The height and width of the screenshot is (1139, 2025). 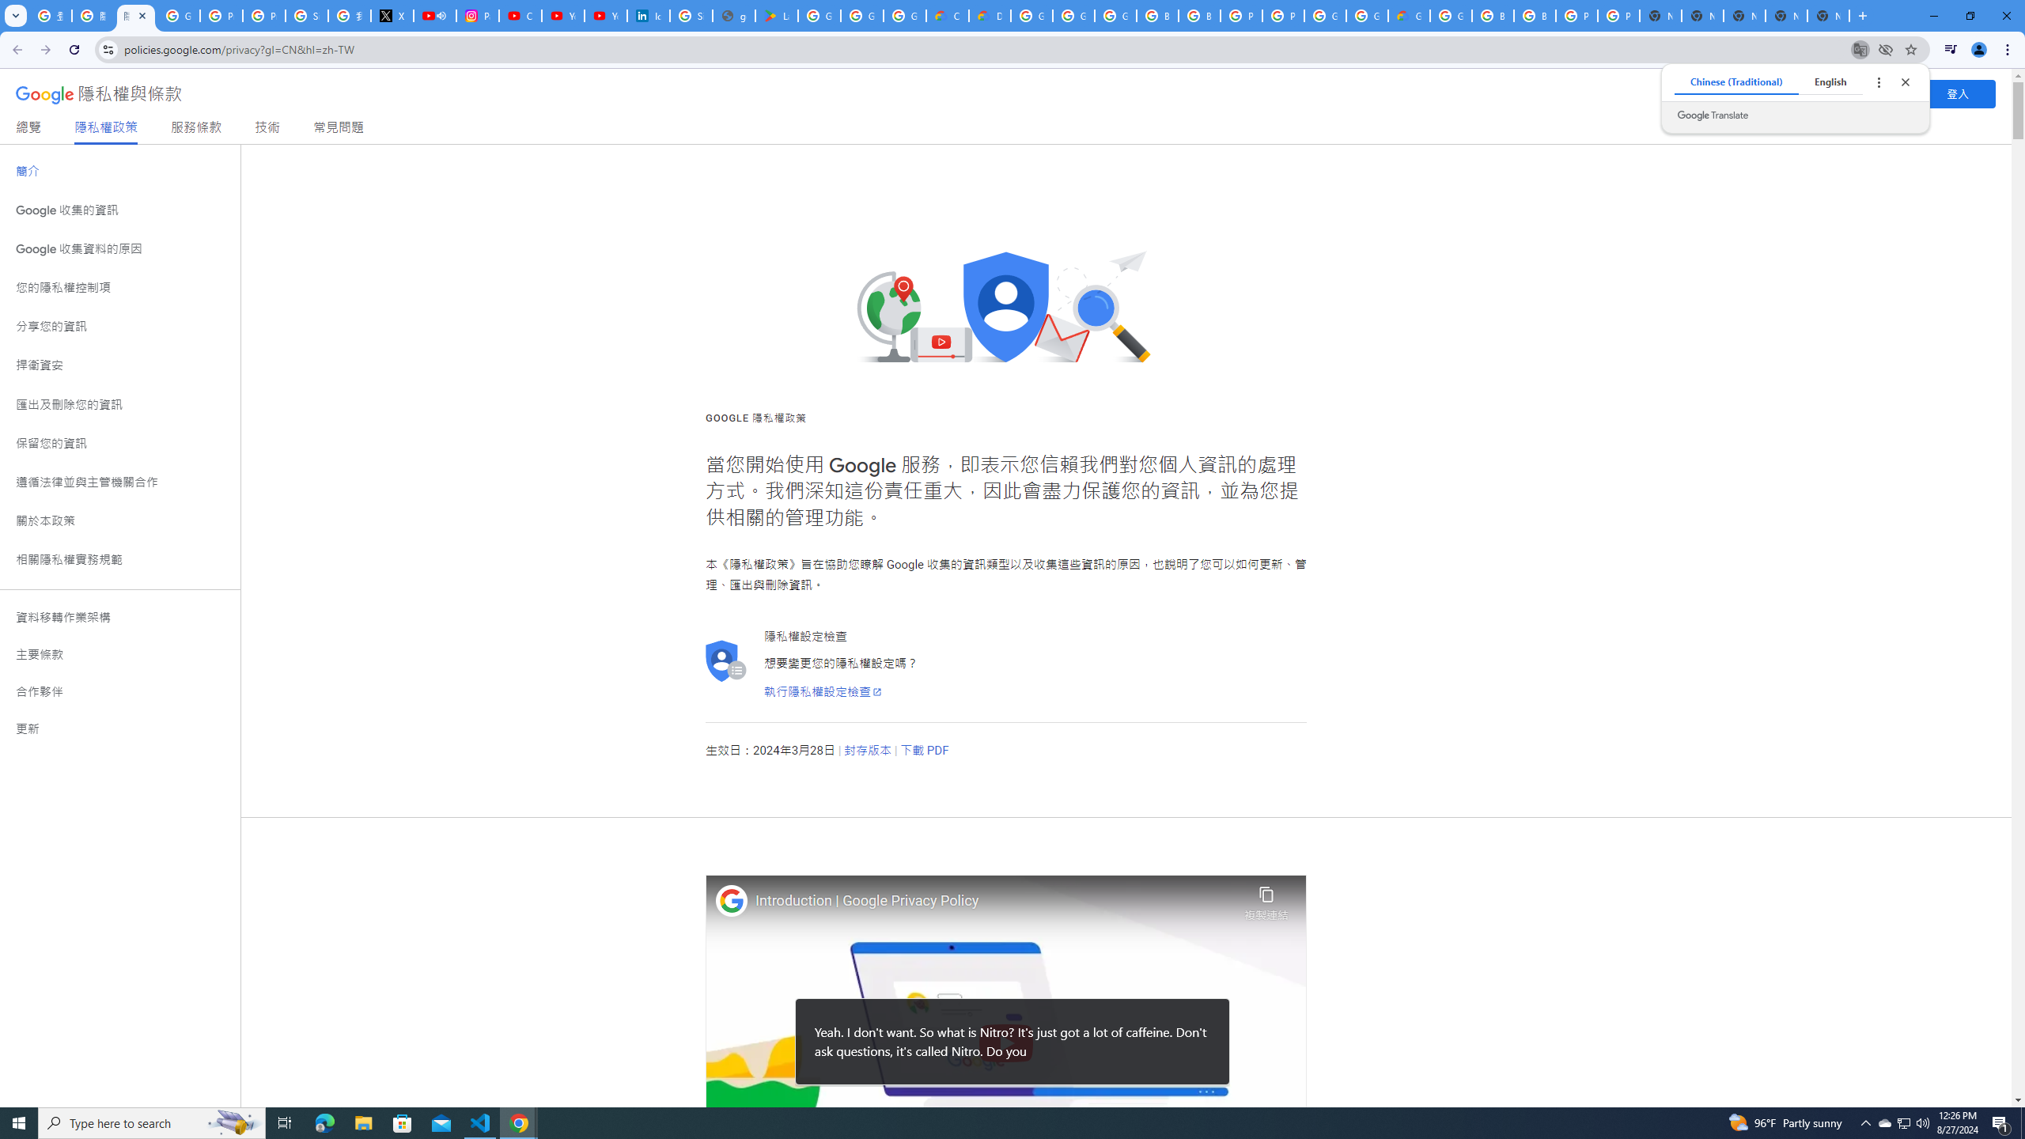 What do you see at coordinates (605, 15) in the screenshot?
I see `'YouTube Culture & Trends - YouTube Top 10, 2021'` at bounding box center [605, 15].